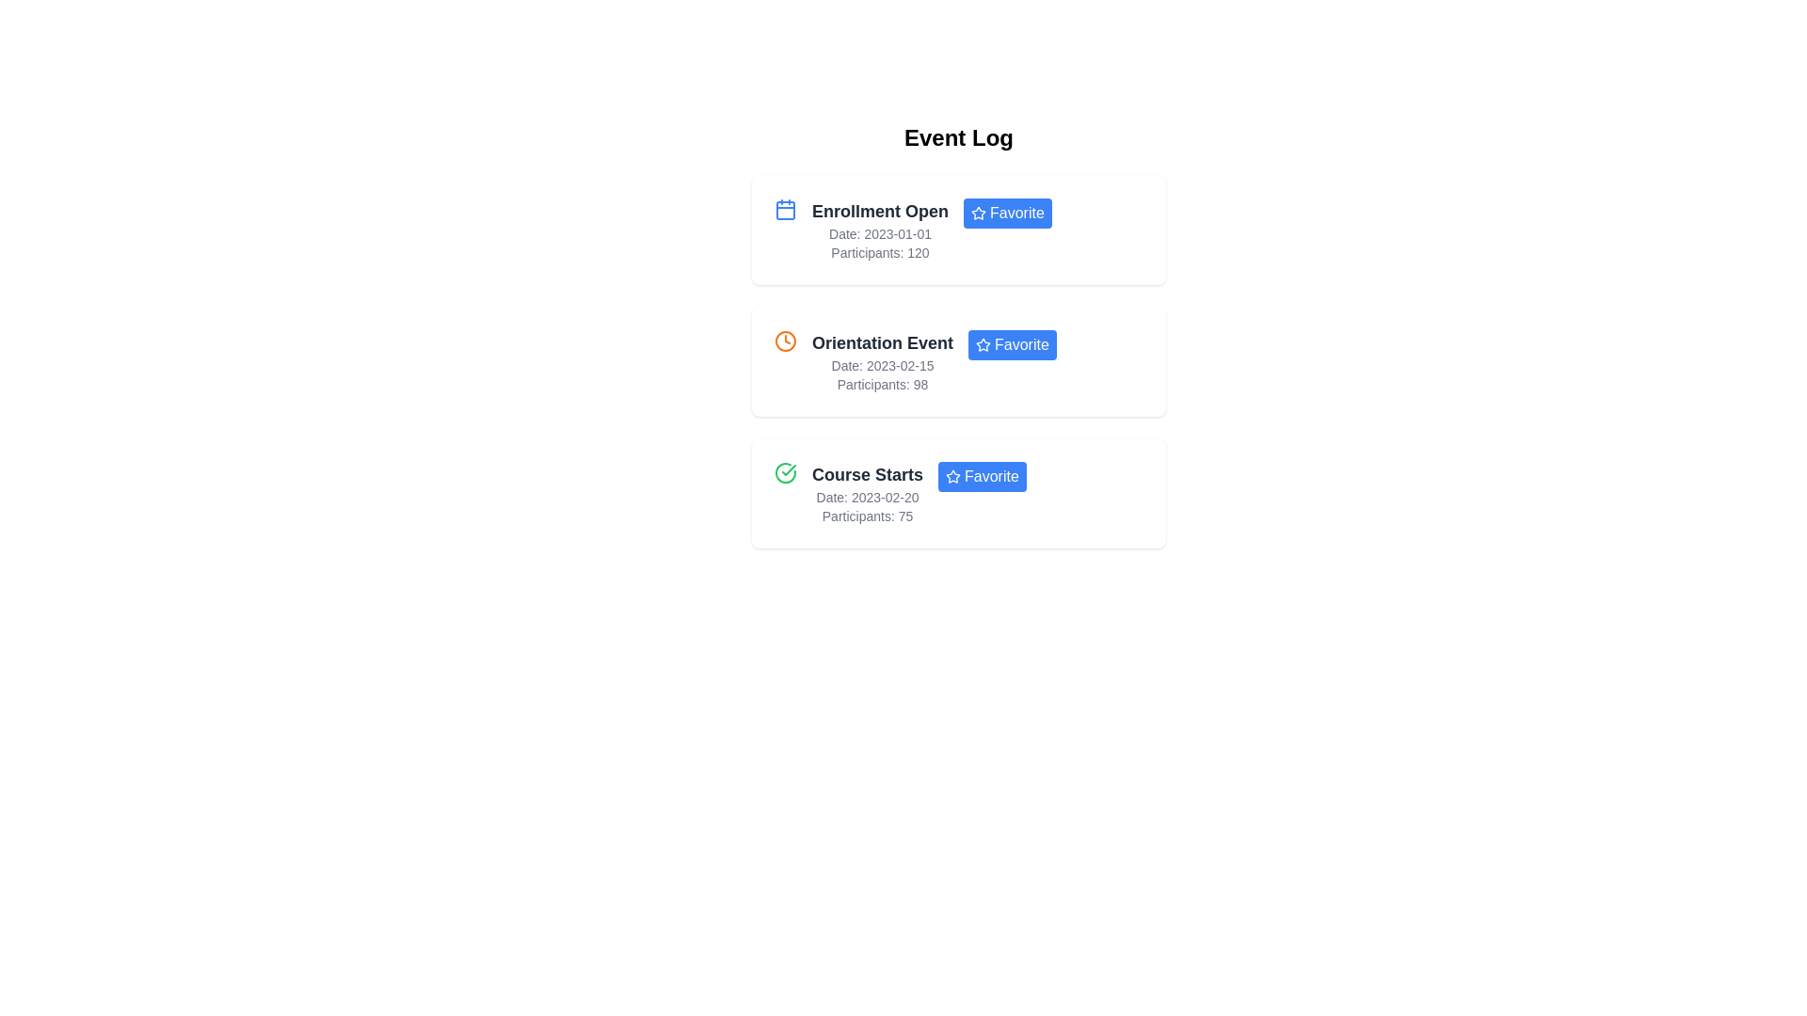 This screenshot has width=1807, height=1016. I want to click on the static text label displaying the number of participants for the 'Orientation Event', located in the bottom-left region of the event's section, so click(882, 383).